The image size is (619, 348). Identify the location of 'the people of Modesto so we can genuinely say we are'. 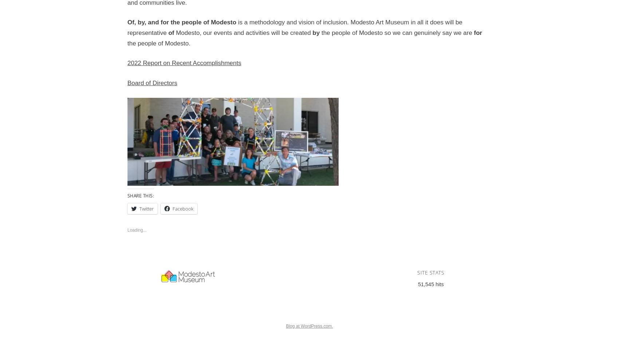
(397, 32).